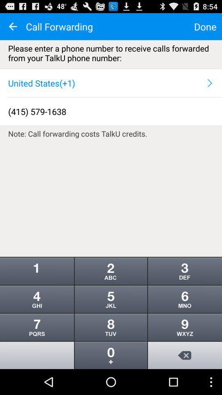  Describe the element at coordinates (185, 350) in the screenshot. I see `the more icon` at that location.